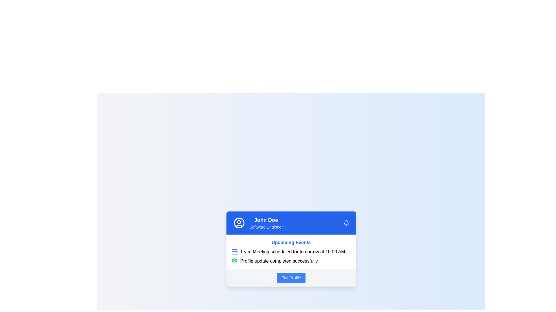 This screenshot has height=312, width=556. Describe the element at coordinates (291, 277) in the screenshot. I see `the 'Edit Profile' button, which is a rectangular button with a blue background and white text, located at the center bottom of a white card section` at that location.